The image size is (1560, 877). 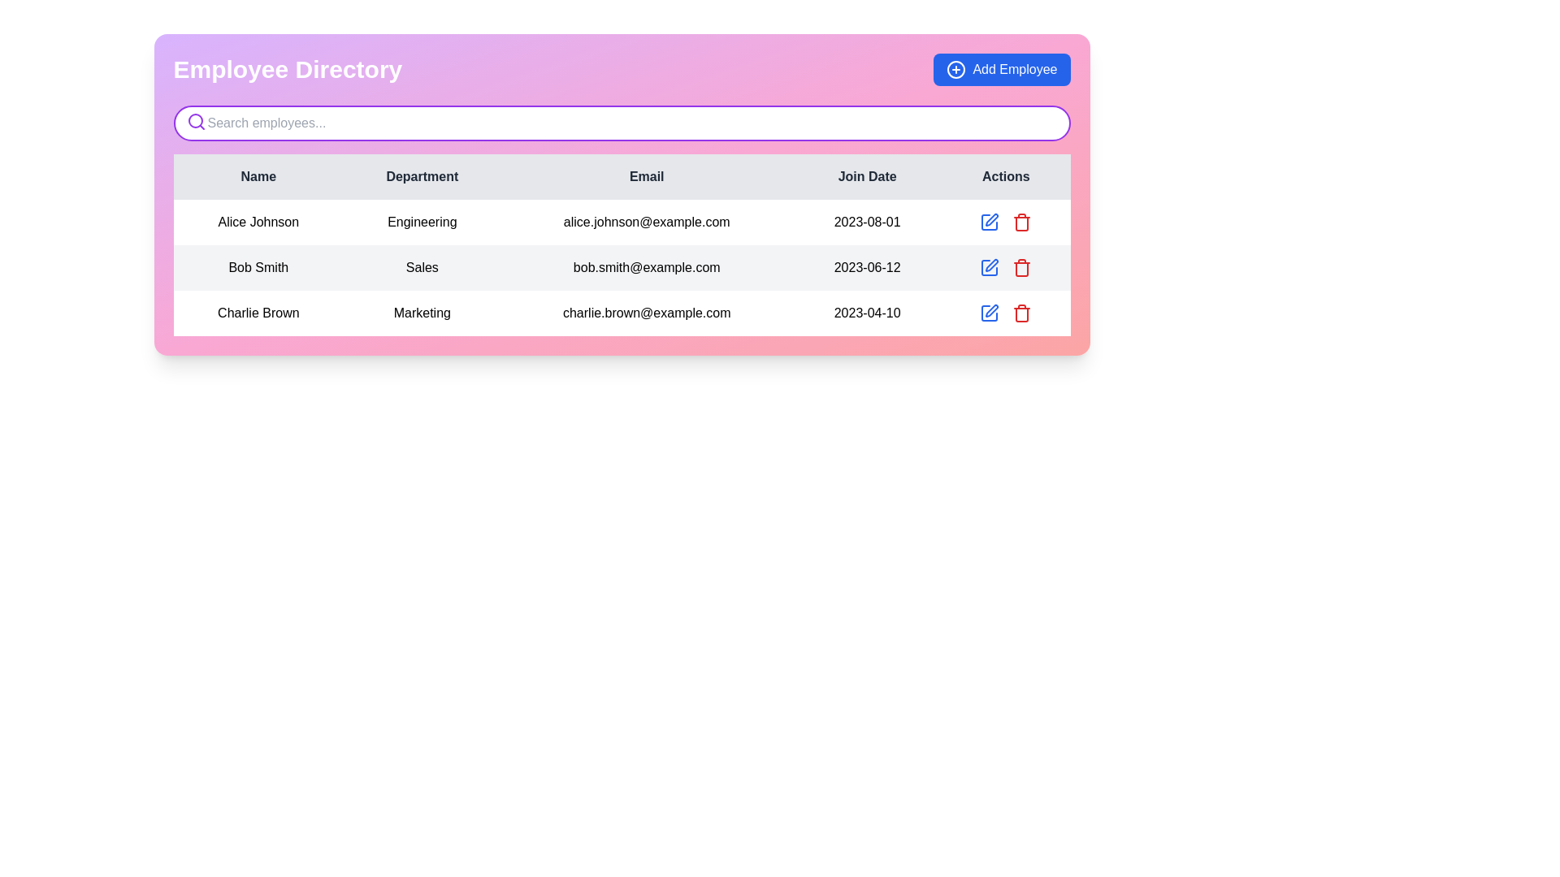 What do you see at coordinates (989, 222) in the screenshot?
I see `the 'Edit' icon button located in the first row of the 'Actions' column for 'Alice Johnson' in the 'Engineering' department` at bounding box center [989, 222].